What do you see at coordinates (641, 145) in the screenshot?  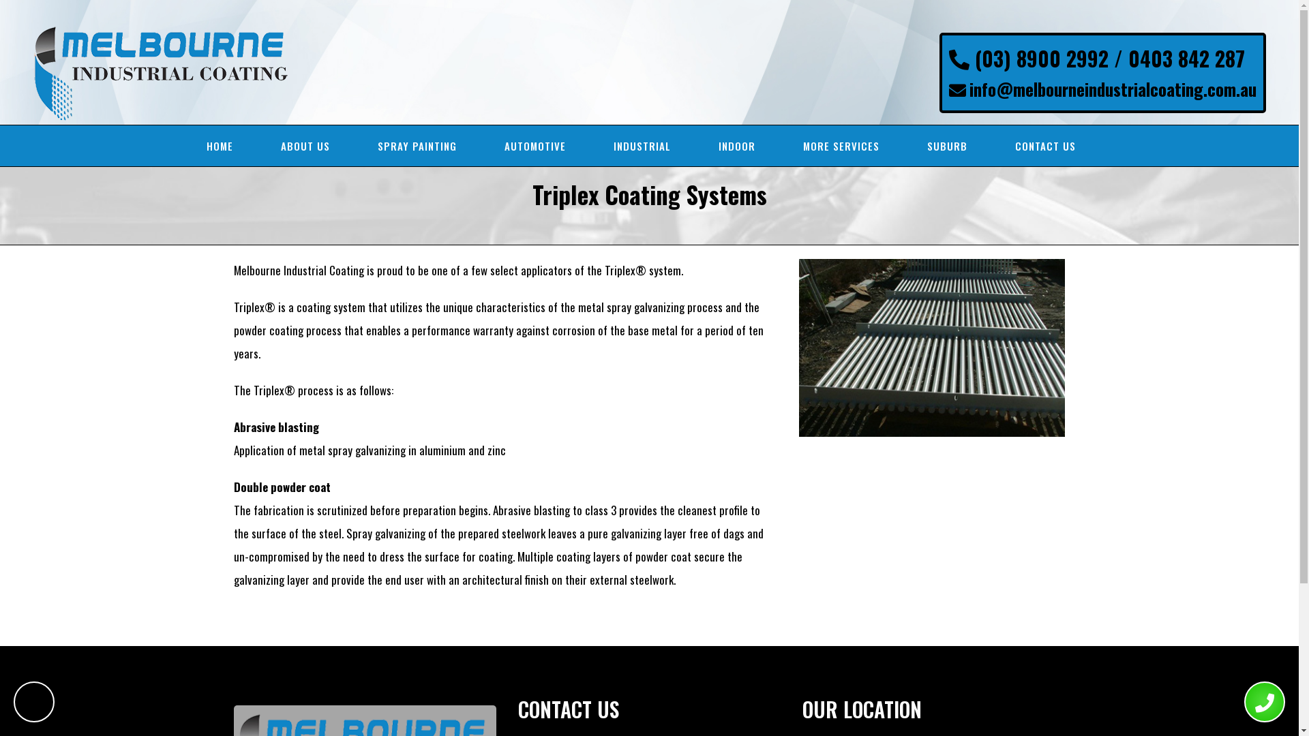 I see `'INDUSTRIAL'` at bounding box center [641, 145].